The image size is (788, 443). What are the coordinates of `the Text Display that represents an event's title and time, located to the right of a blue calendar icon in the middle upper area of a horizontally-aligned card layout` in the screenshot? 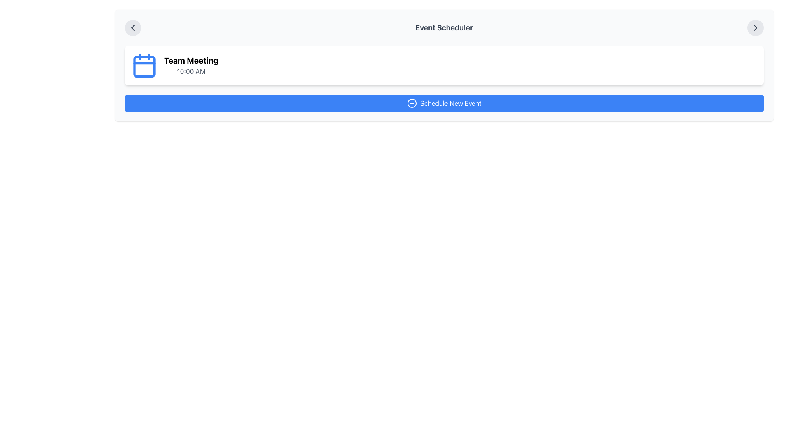 It's located at (190, 65).